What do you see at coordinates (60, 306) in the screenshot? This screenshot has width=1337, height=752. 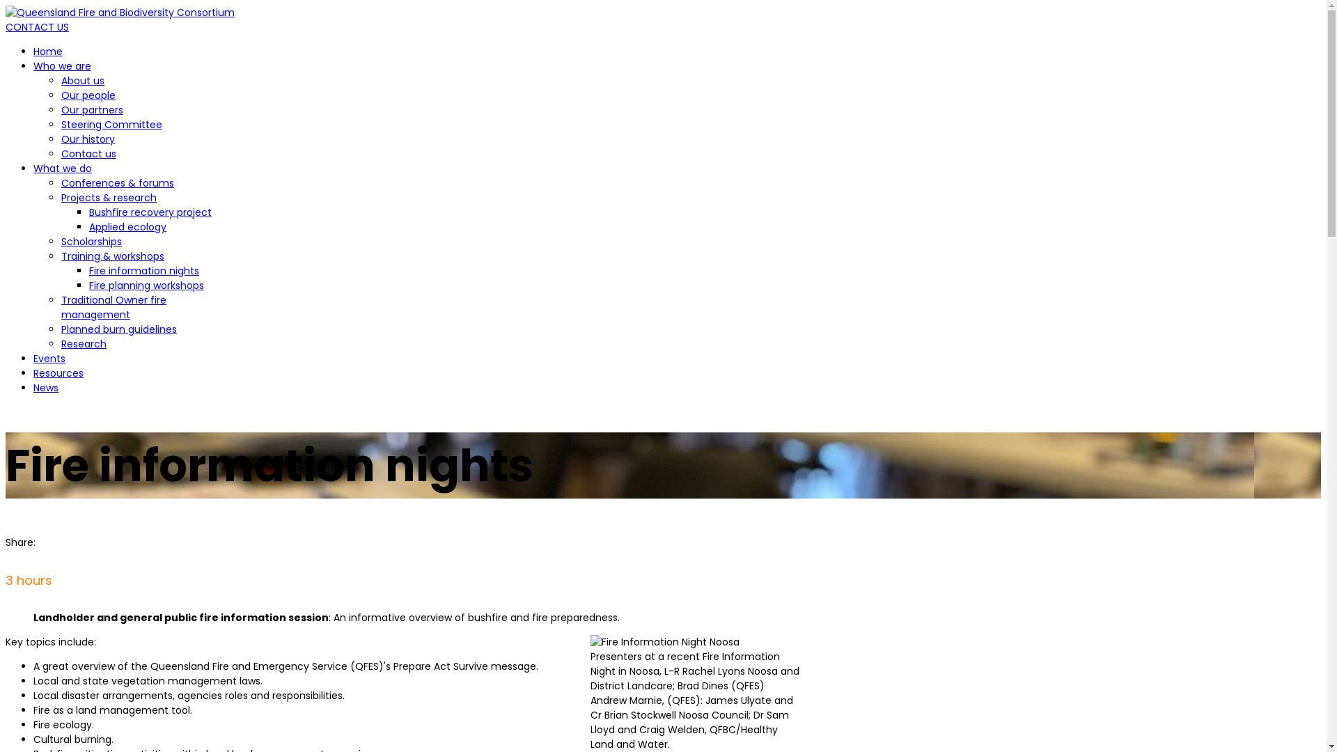 I see `'Traditional Owner fire management'` at bounding box center [60, 306].